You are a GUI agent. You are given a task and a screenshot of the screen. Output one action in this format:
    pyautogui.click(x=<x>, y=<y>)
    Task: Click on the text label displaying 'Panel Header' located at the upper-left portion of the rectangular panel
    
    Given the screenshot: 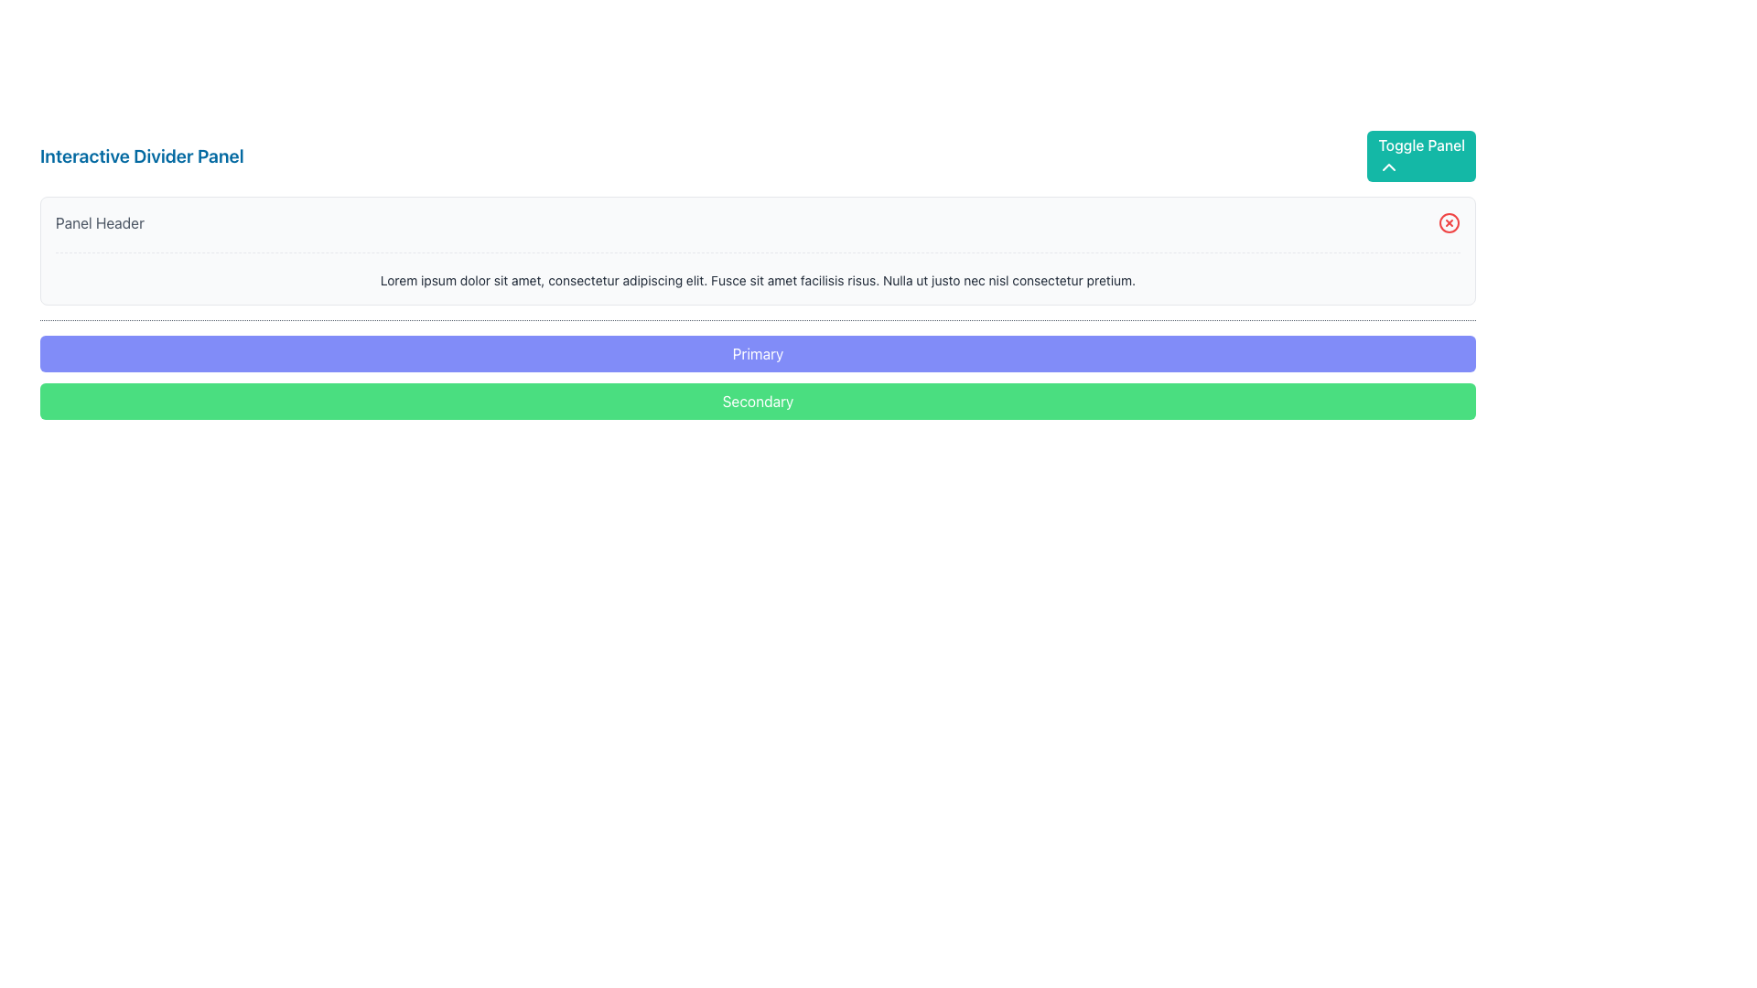 What is the action you would take?
    pyautogui.click(x=99, y=221)
    